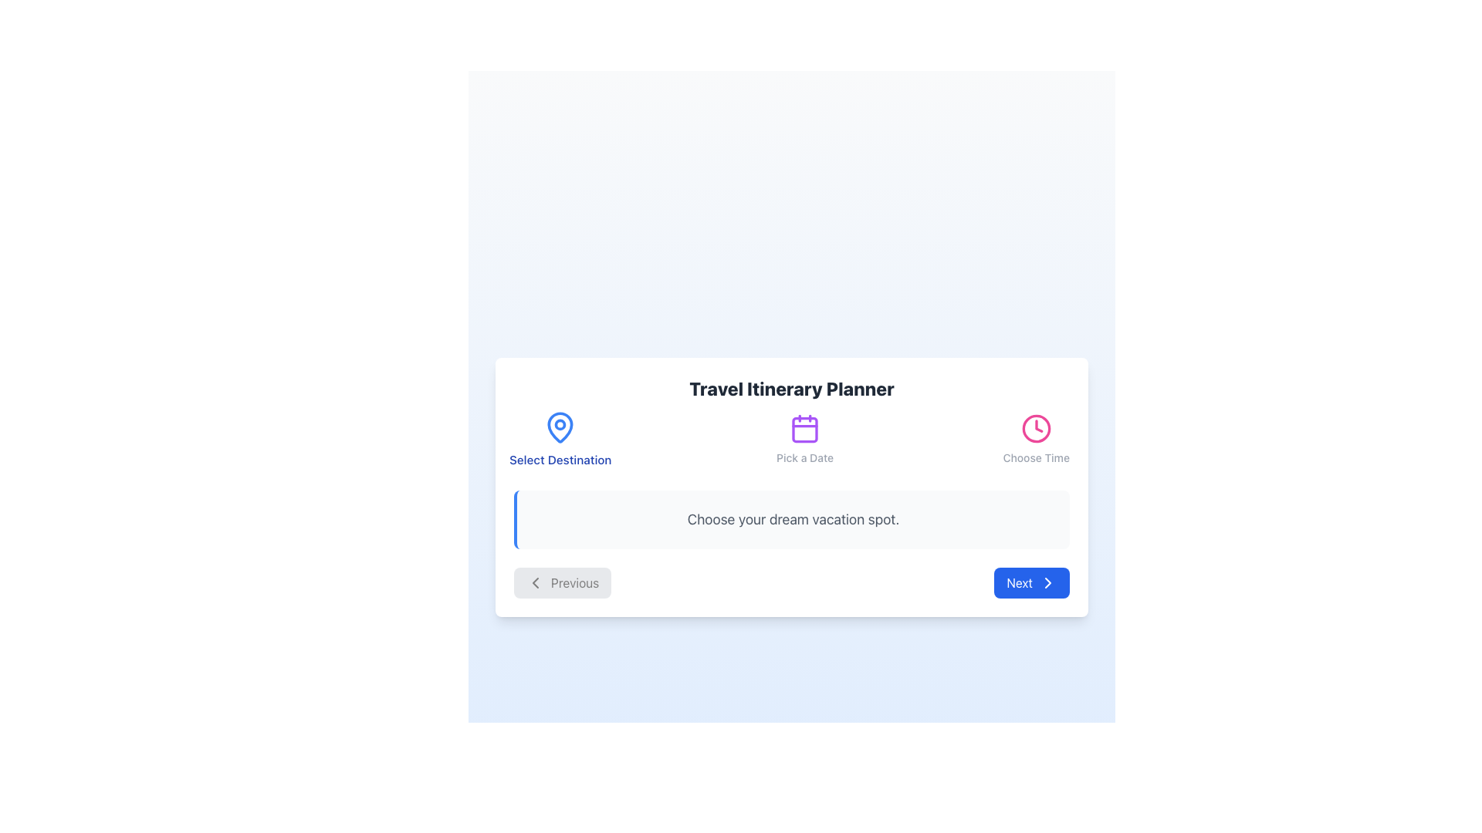 The width and height of the screenshot is (1482, 833). What do you see at coordinates (560, 440) in the screenshot?
I see `the leftmost button-like visual indicator for selecting a travel destination in the 'Travel Itinerary Planner' section` at bounding box center [560, 440].